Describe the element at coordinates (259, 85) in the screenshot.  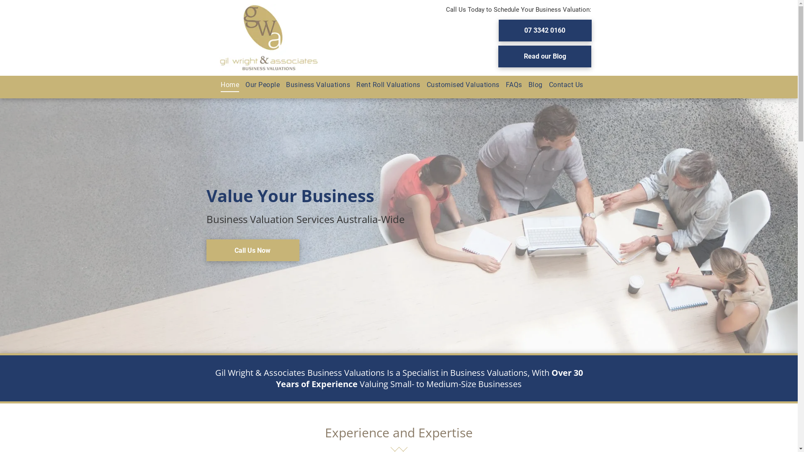
I see `'Our People'` at that location.